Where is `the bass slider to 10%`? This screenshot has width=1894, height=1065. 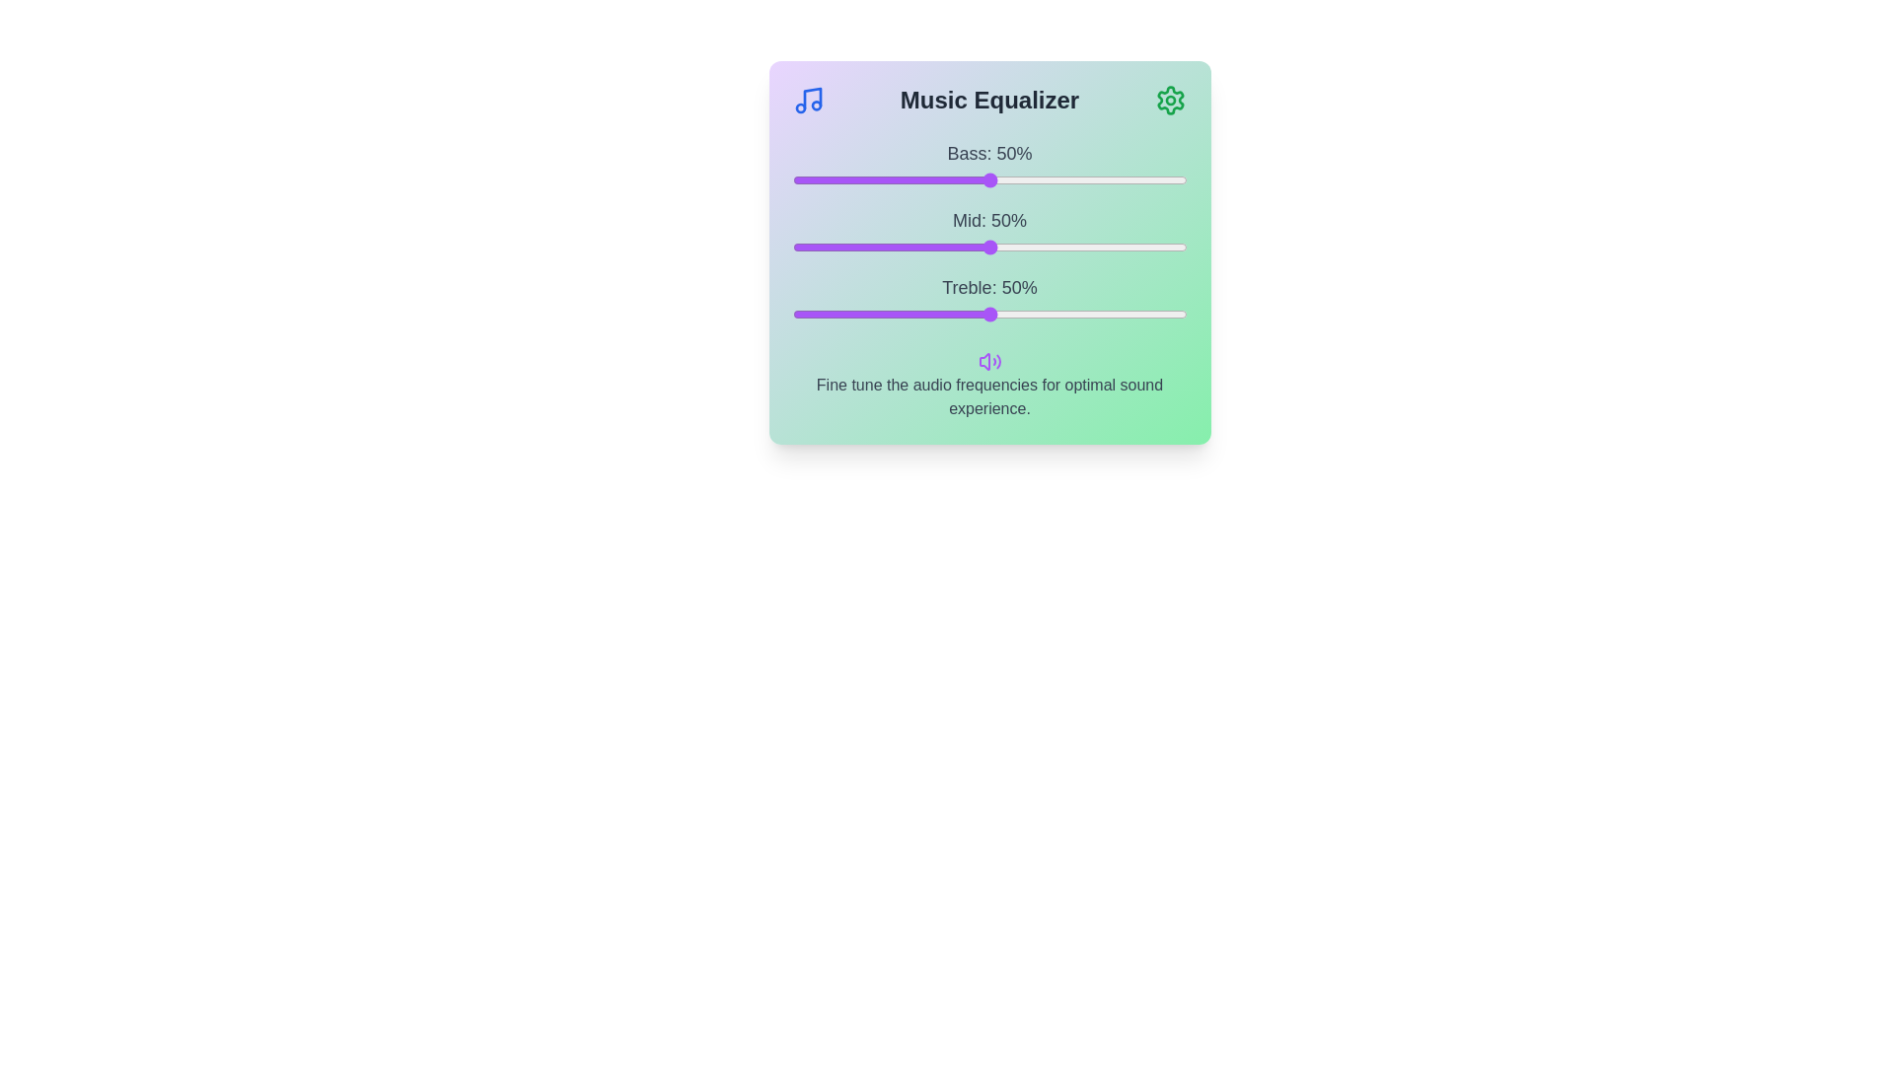
the bass slider to 10% is located at coordinates (832, 179).